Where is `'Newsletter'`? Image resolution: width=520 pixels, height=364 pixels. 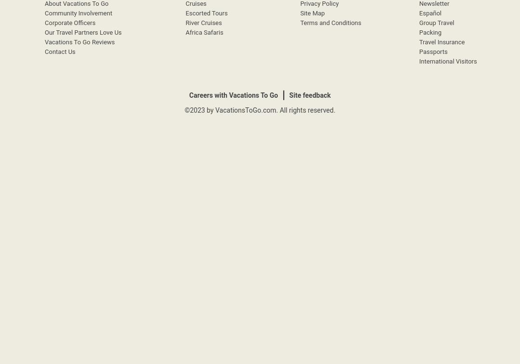 'Newsletter' is located at coordinates (434, 3).